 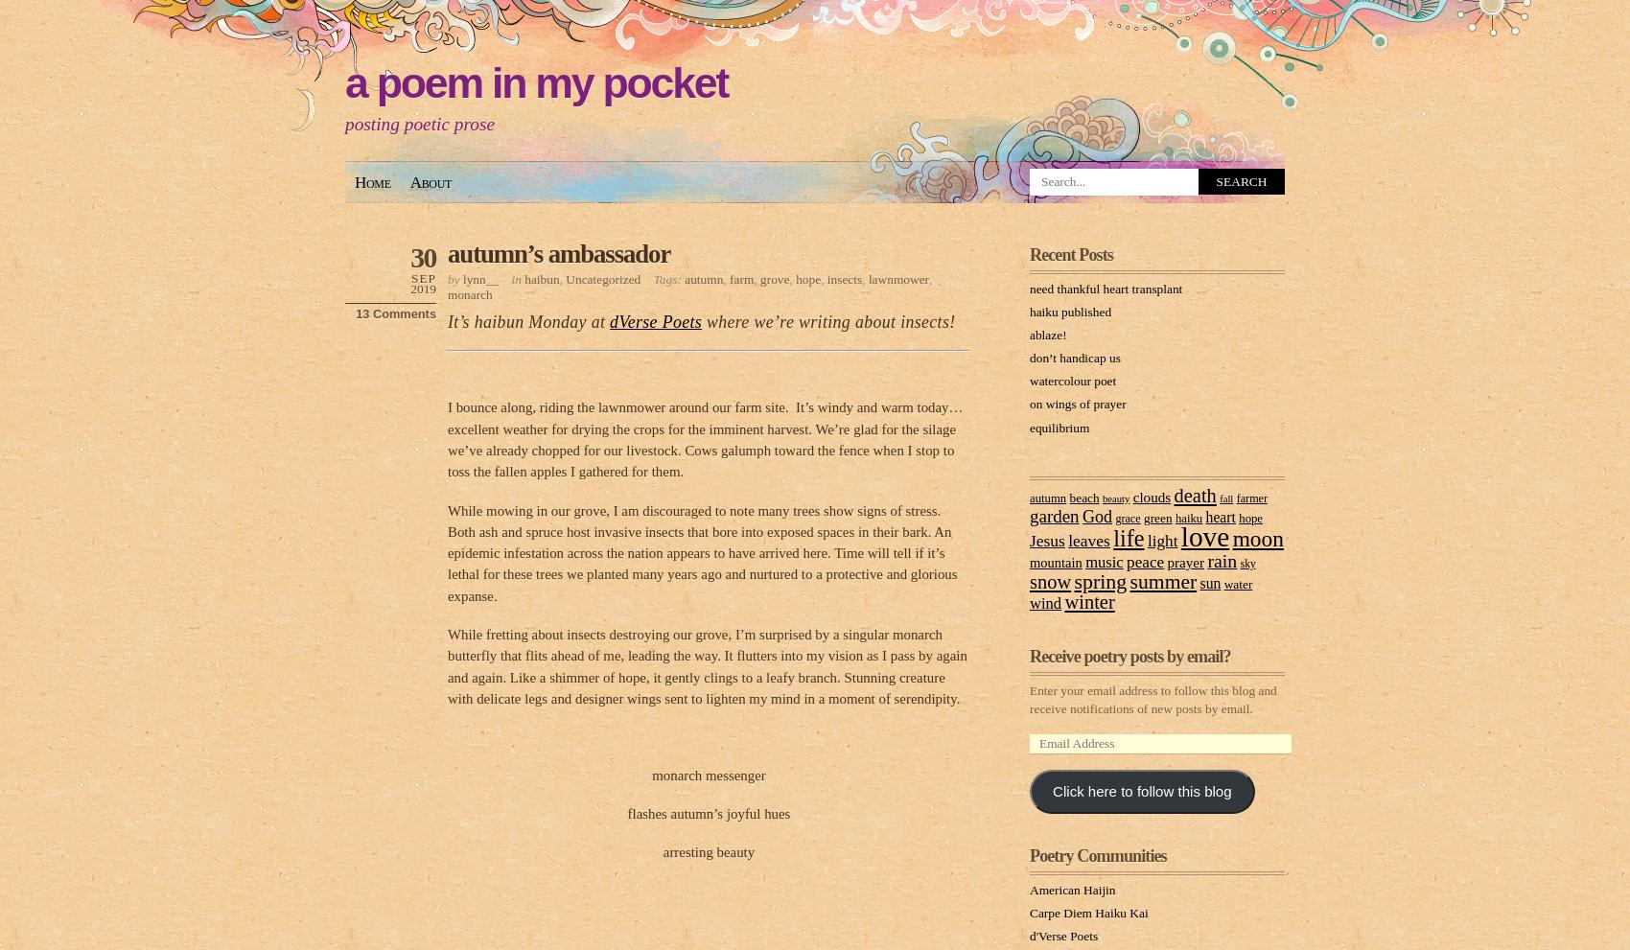 What do you see at coordinates (1063, 935) in the screenshot?
I see `'d'Verse Poets'` at bounding box center [1063, 935].